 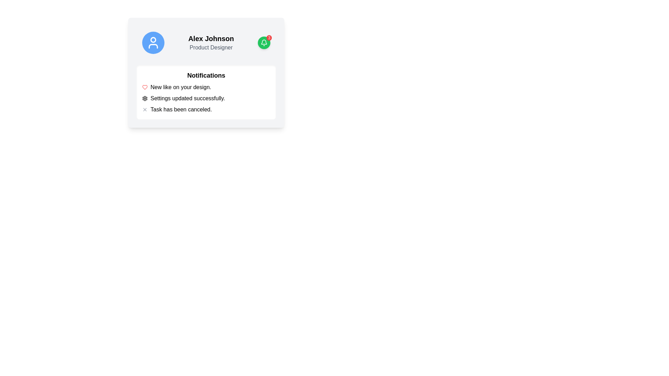 What do you see at coordinates (206, 98) in the screenshot?
I see `notification message indicating that the settings have been successfully updated, which is the second item in the notification list` at bounding box center [206, 98].